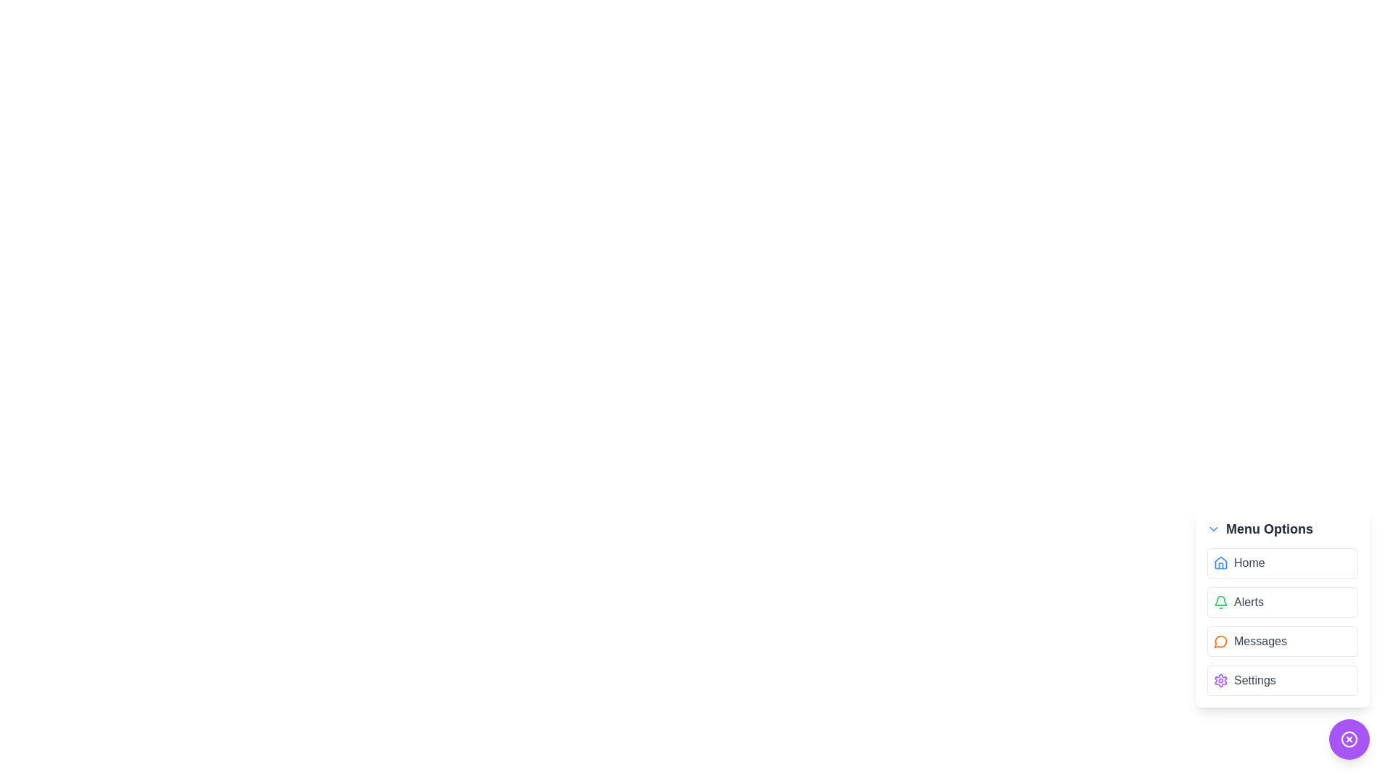 This screenshot has width=1393, height=783. Describe the element at coordinates (1282, 680) in the screenshot. I see `the navigational button for 'Settings' located as the last item under 'Menu Options'` at that location.